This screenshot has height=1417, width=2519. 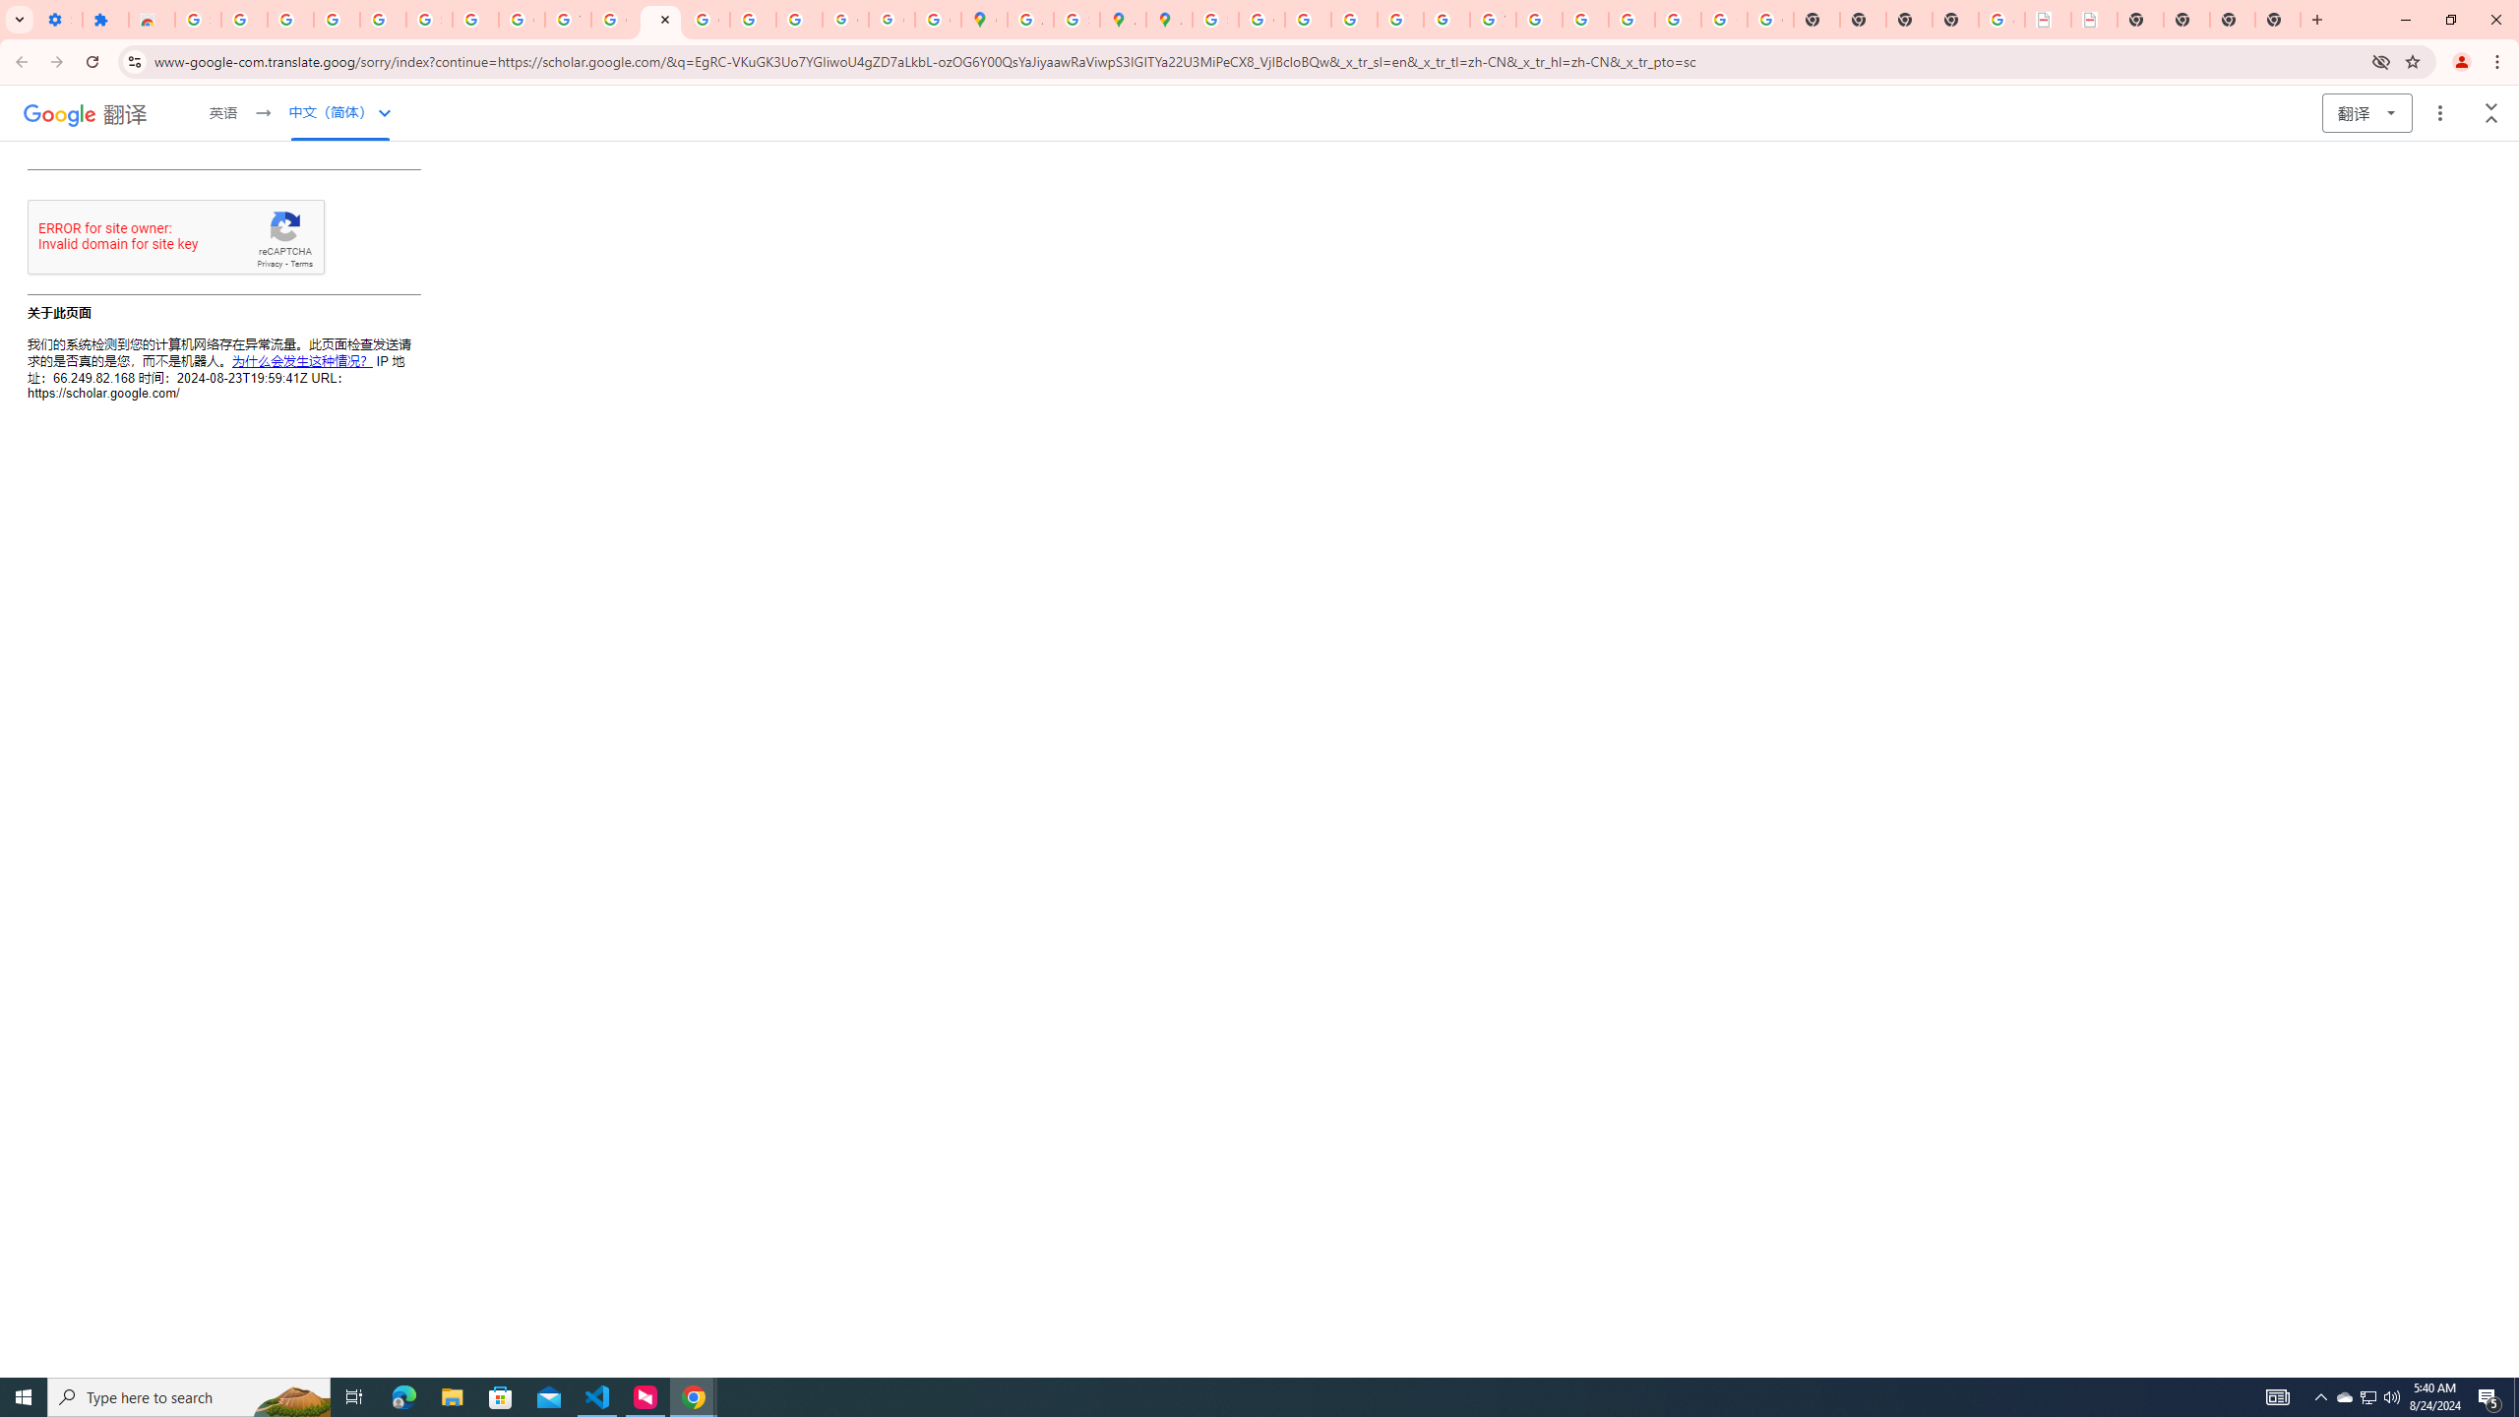 I want to click on 'Settings - On startup', so click(x=59, y=19).